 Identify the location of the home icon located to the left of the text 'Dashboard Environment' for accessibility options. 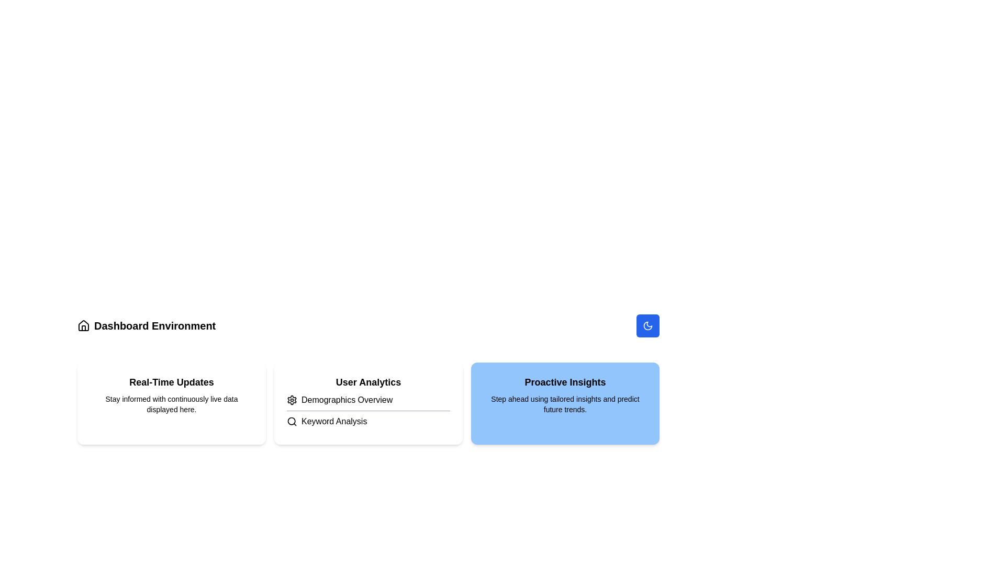
(83, 325).